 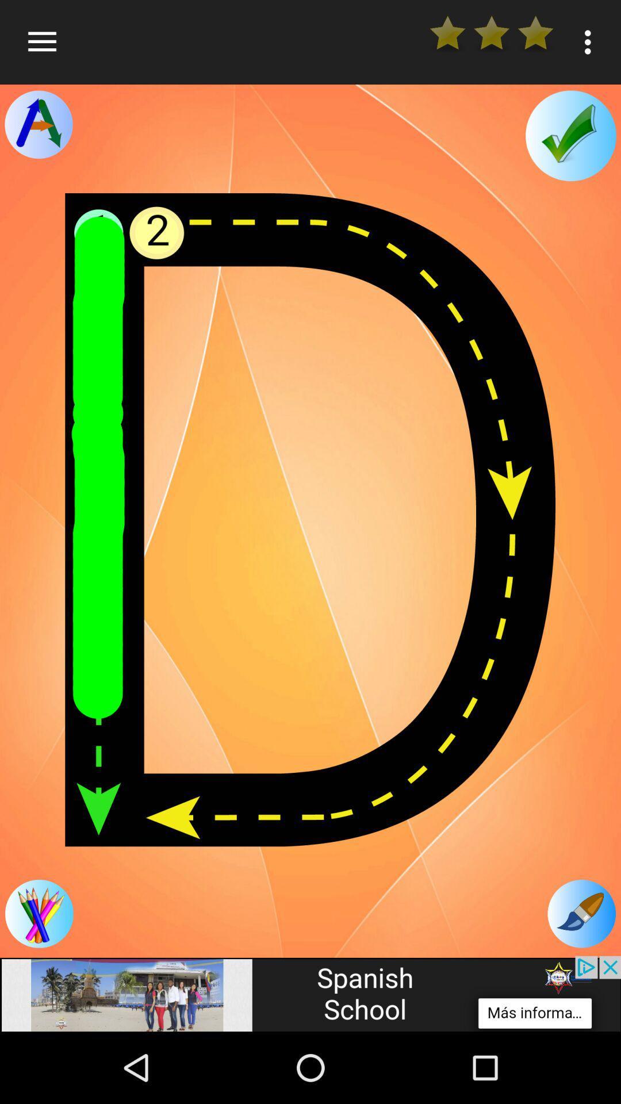 What do you see at coordinates (39, 913) in the screenshot?
I see `tap to choice a color` at bounding box center [39, 913].